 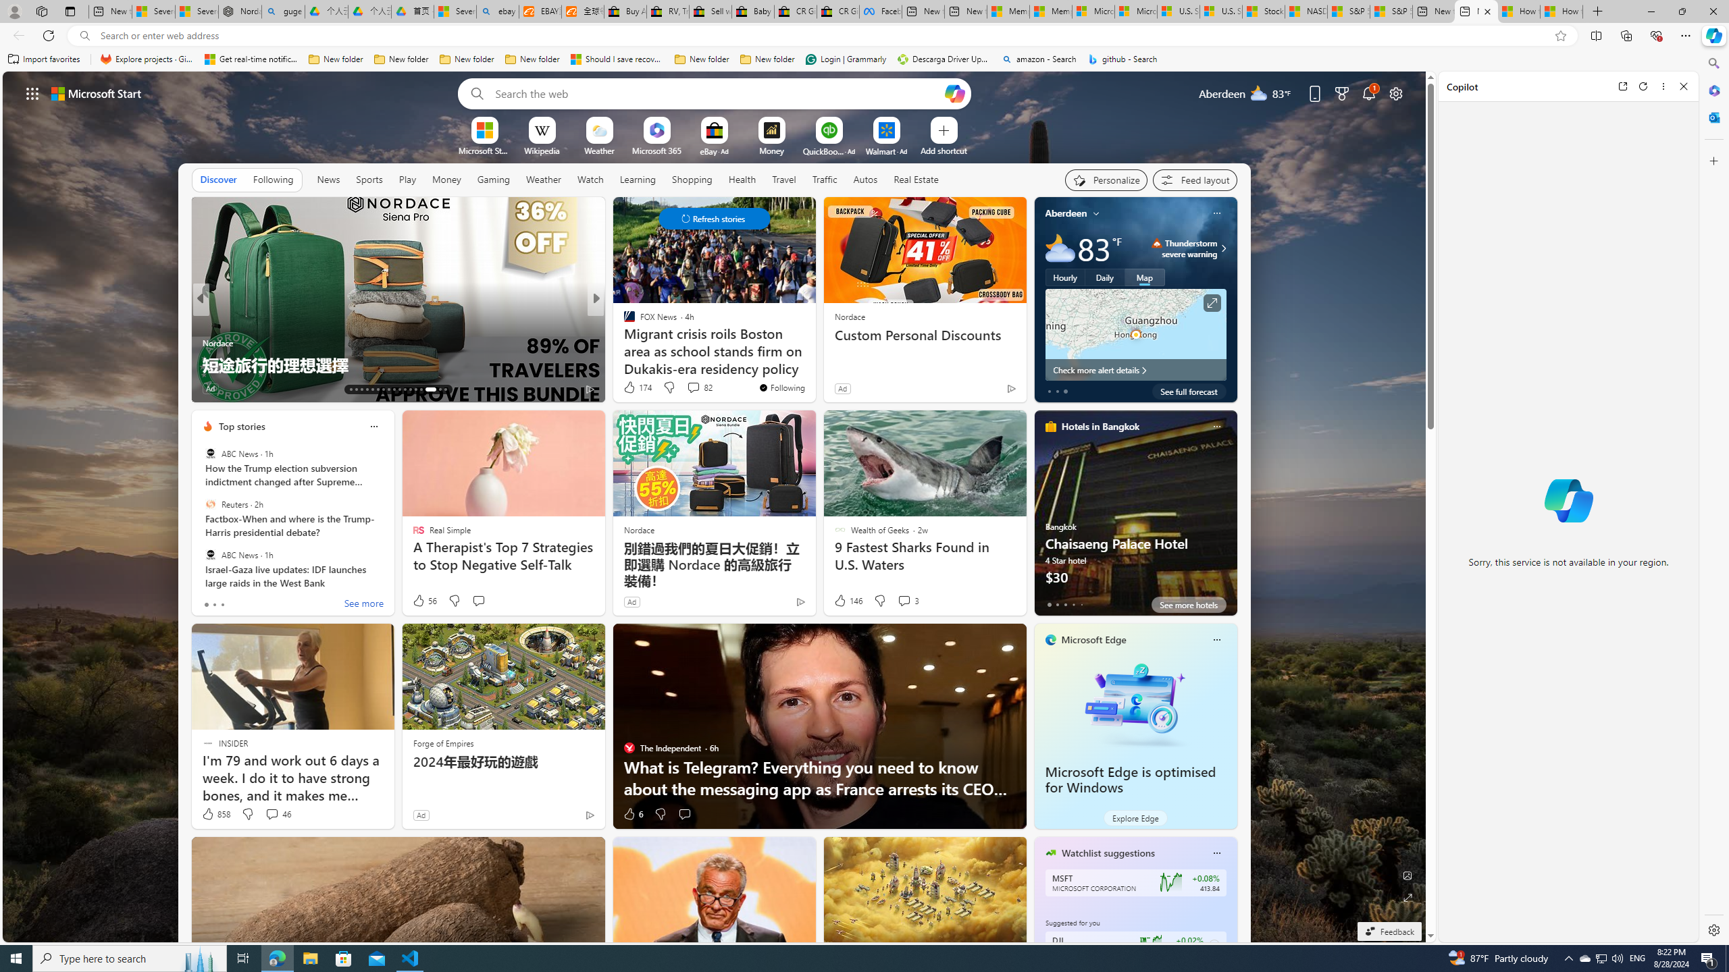 I want to click on 'AutomationID: waffle', so click(x=32, y=92).